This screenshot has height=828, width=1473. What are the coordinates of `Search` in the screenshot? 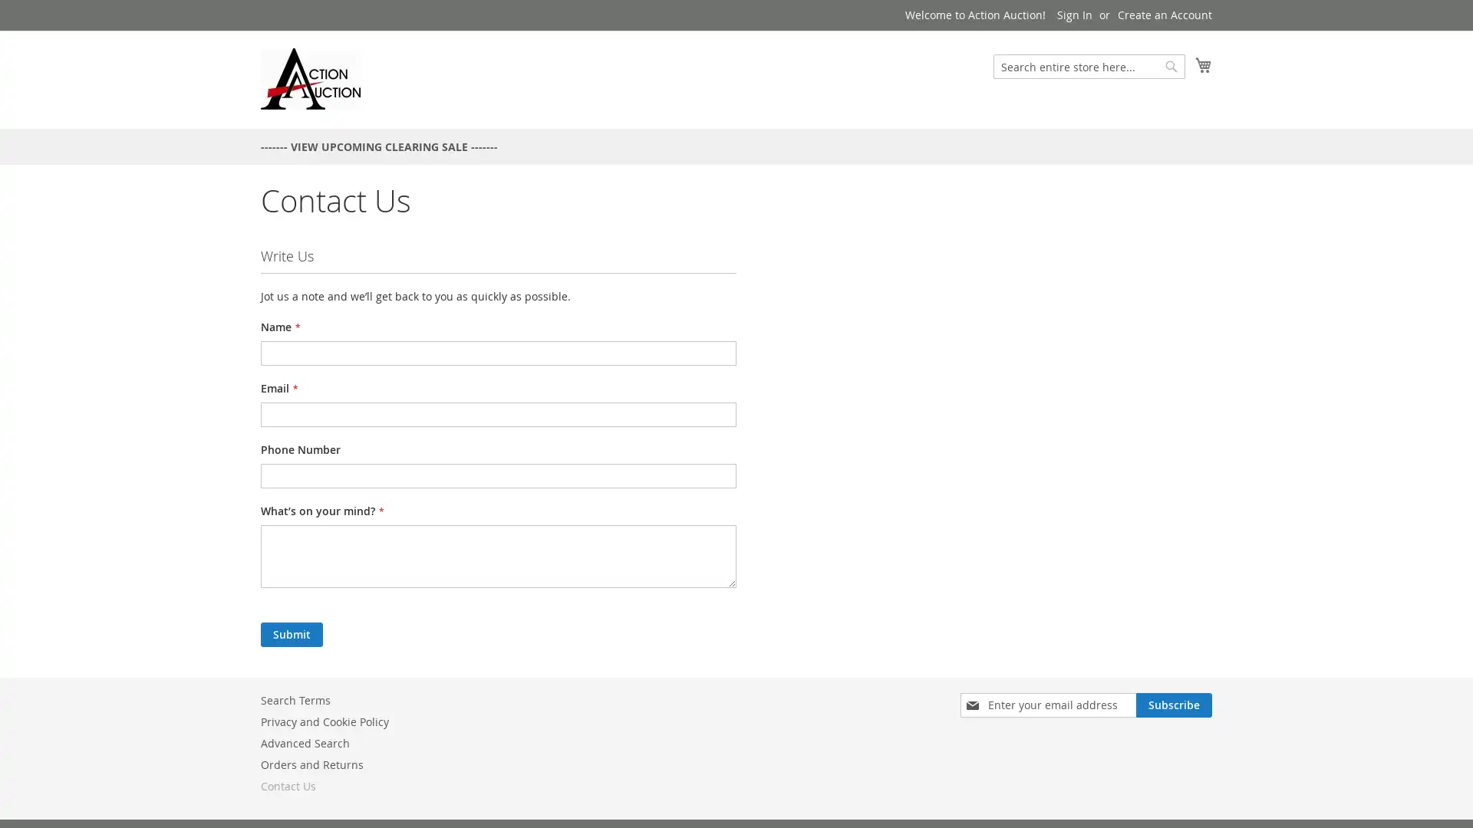 It's located at (1170, 66).